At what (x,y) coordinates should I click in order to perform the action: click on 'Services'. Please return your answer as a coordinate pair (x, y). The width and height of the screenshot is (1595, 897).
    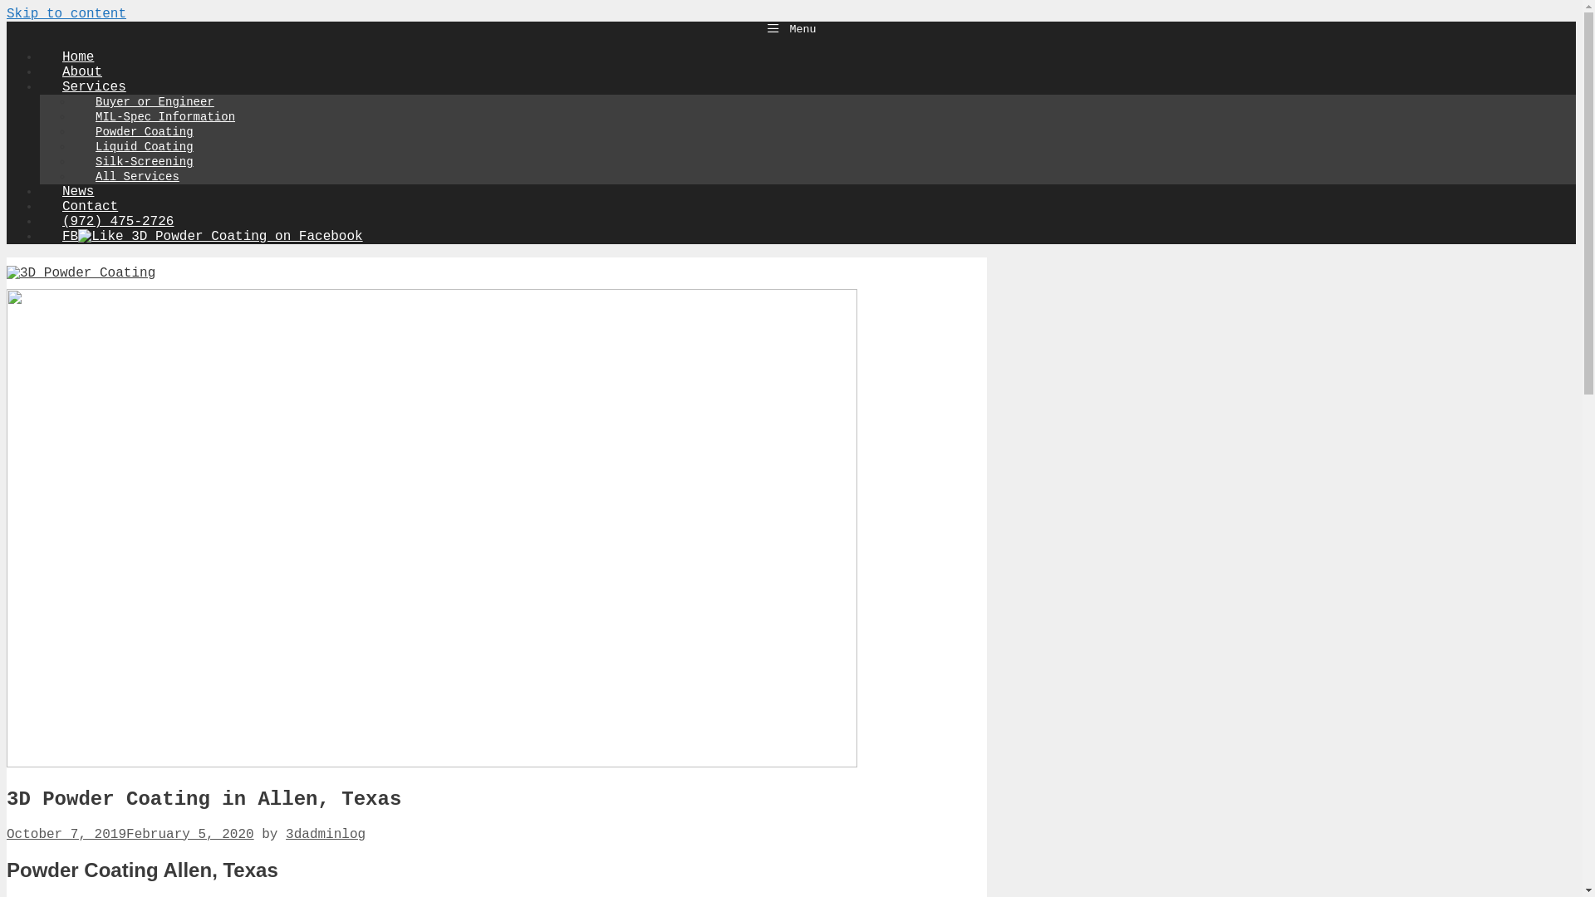
    Looking at the image, I should click on (104, 86).